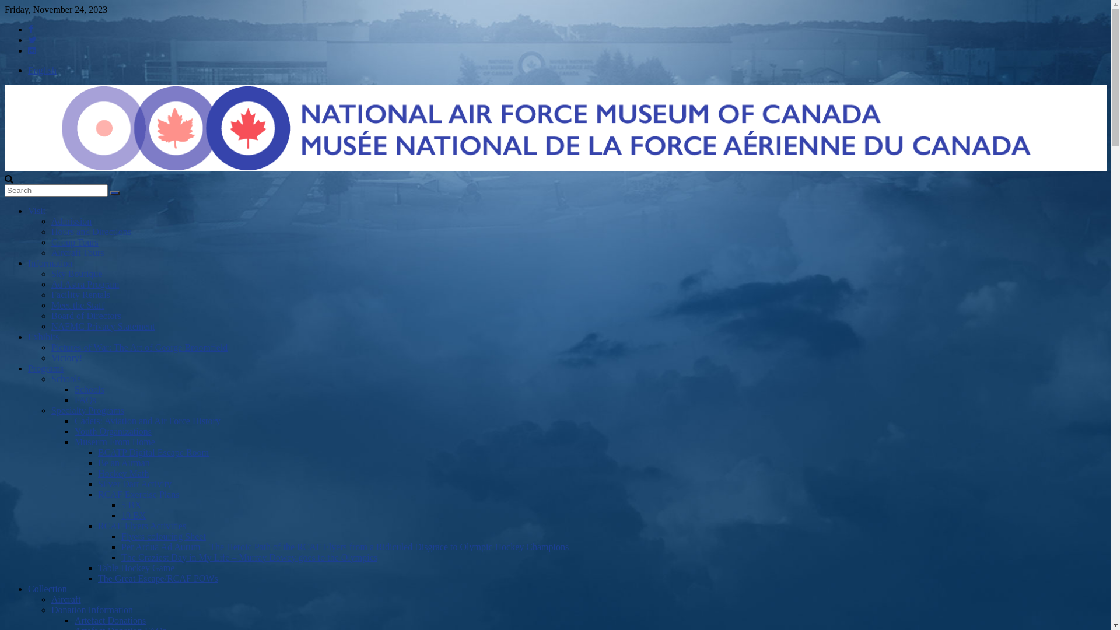  I want to click on 'Donation Information', so click(92, 609).